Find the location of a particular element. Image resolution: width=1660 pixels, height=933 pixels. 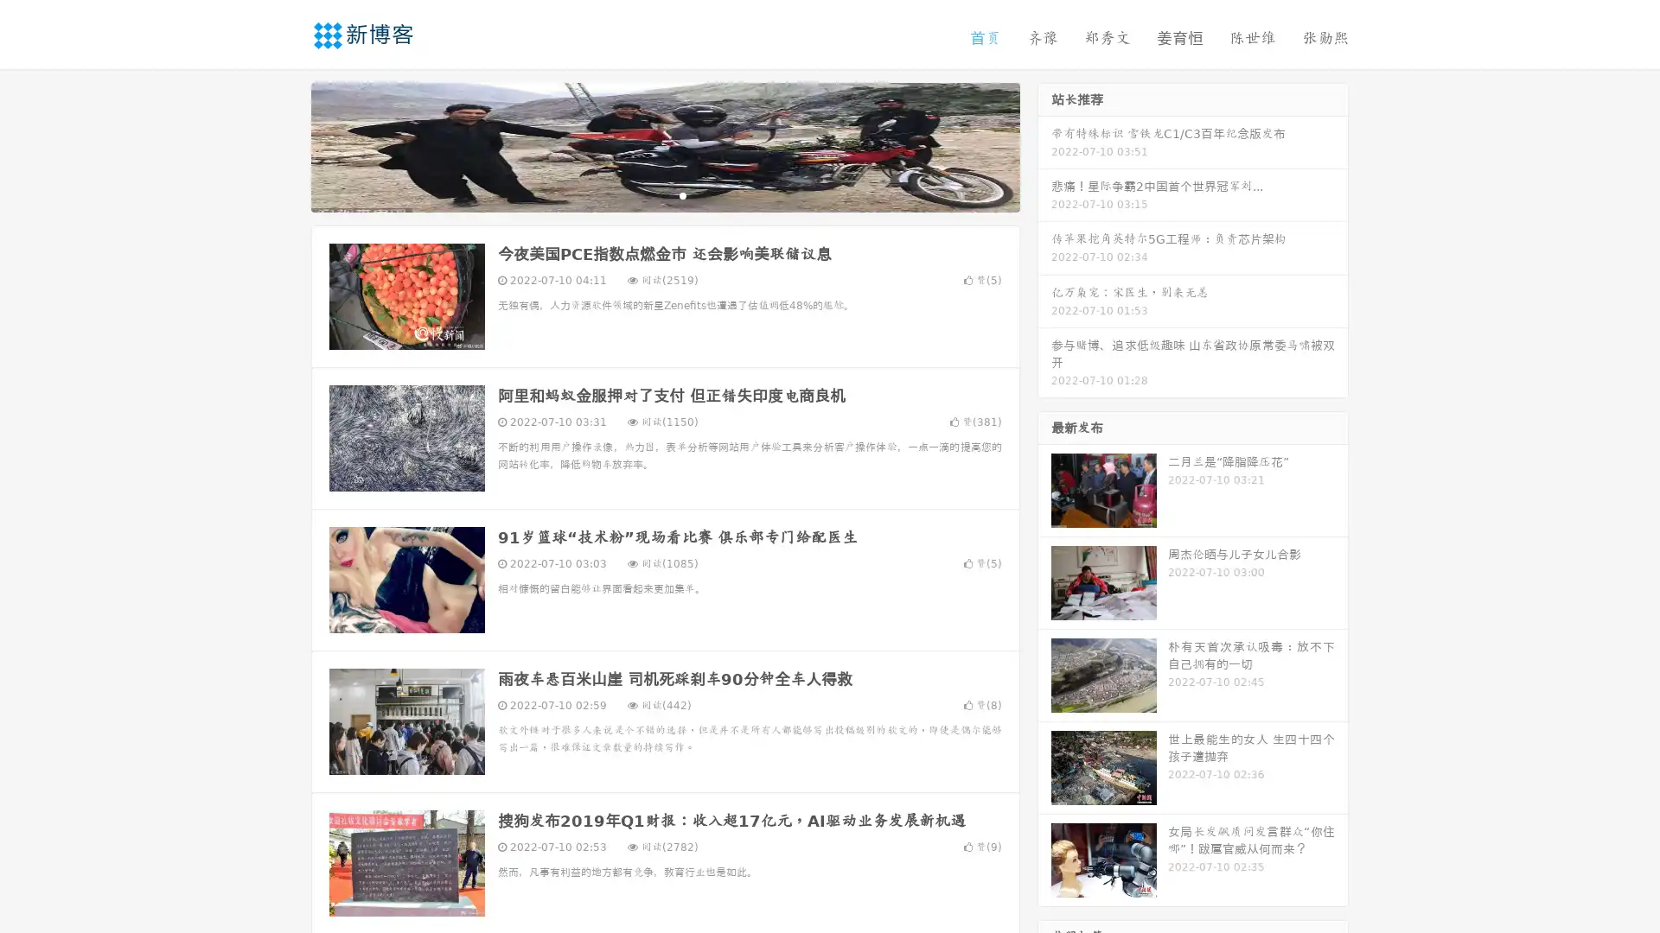

Go to slide 2 is located at coordinates (664, 194).